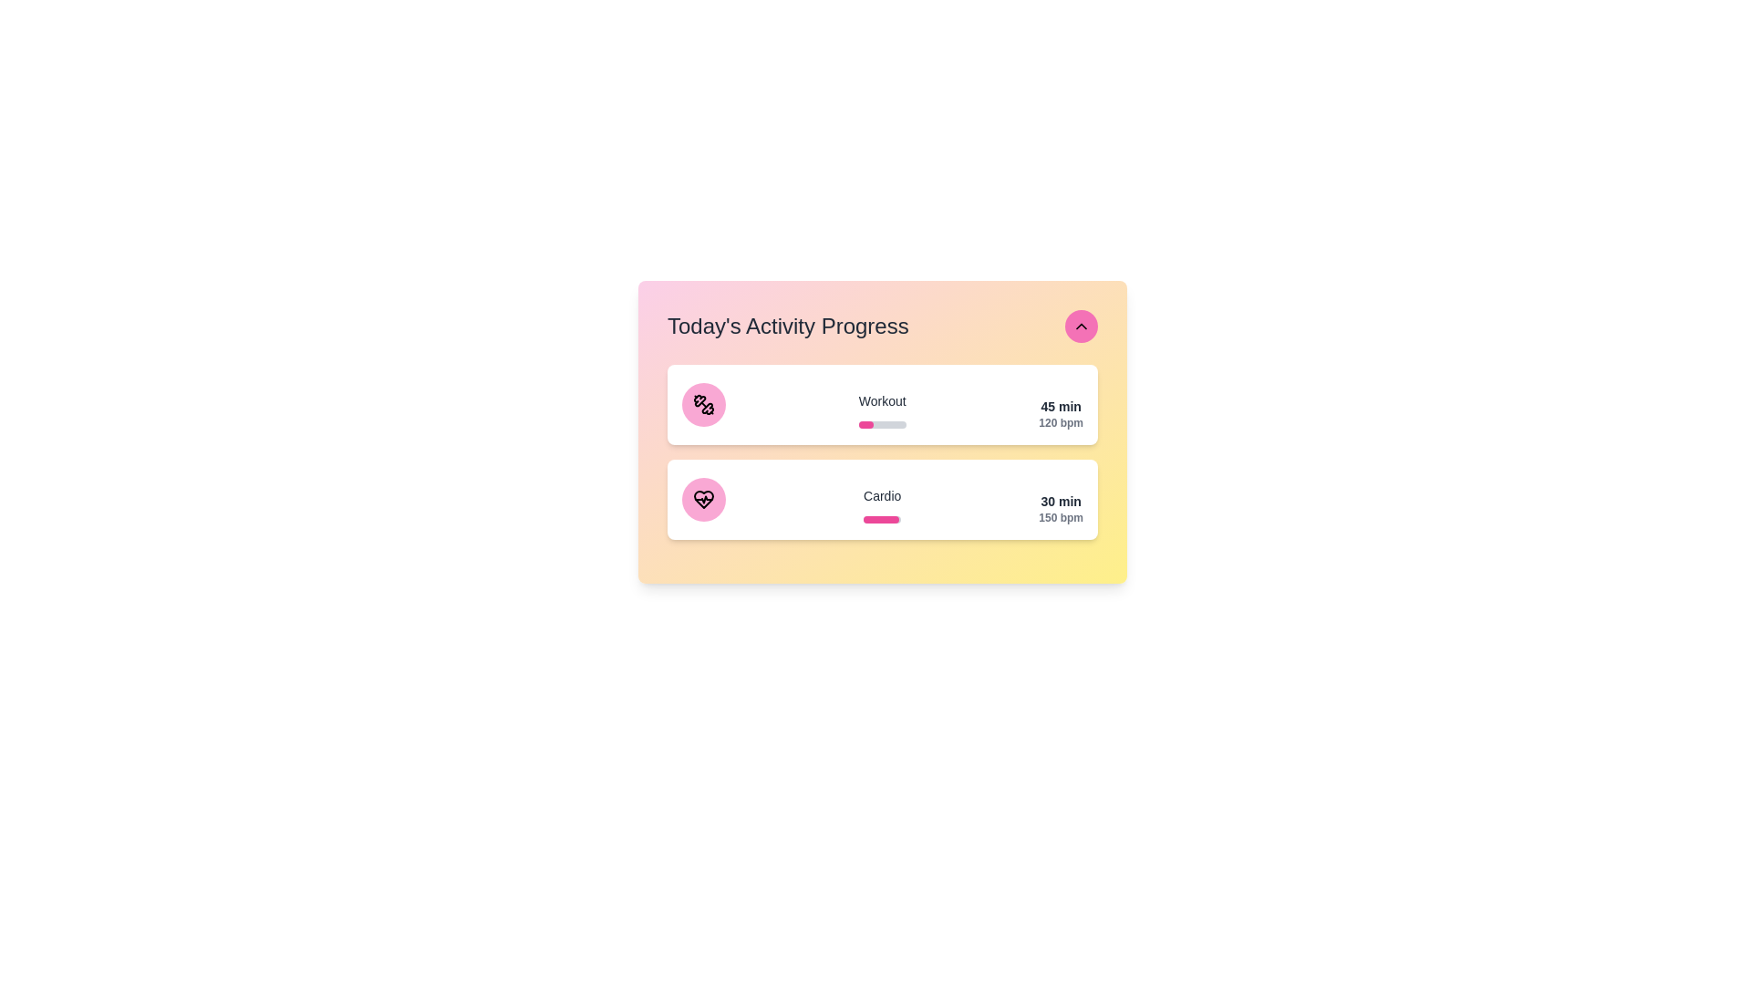 The width and height of the screenshot is (1751, 985). Describe the element at coordinates (883, 499) in the screenshot. I see `the second Card item in the 'Today's Activity Progress' panel, which features a white background, rounded corners, and a shadow effect, containing a progress bar and text labels for 'Cardio', '30 min', and '150 bpm'` at that location.